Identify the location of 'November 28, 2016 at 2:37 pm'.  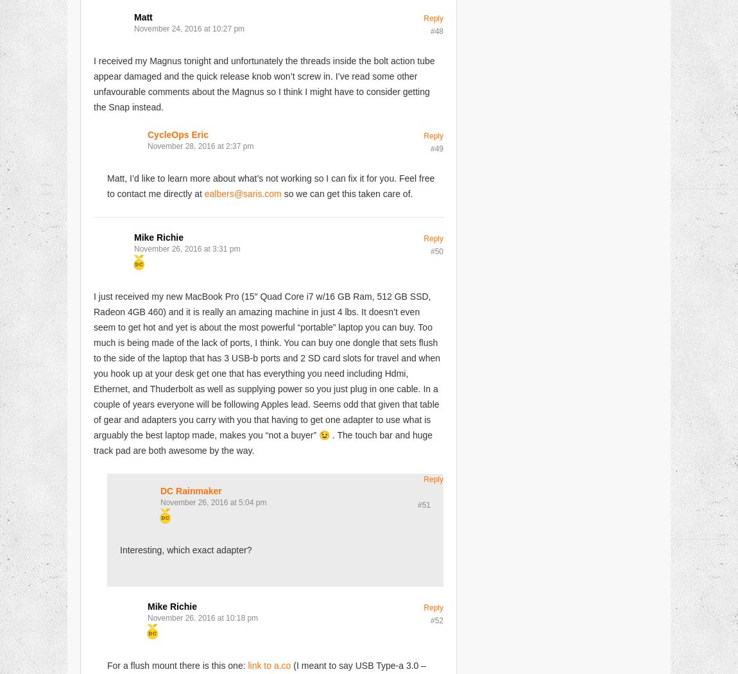
(200, 146).